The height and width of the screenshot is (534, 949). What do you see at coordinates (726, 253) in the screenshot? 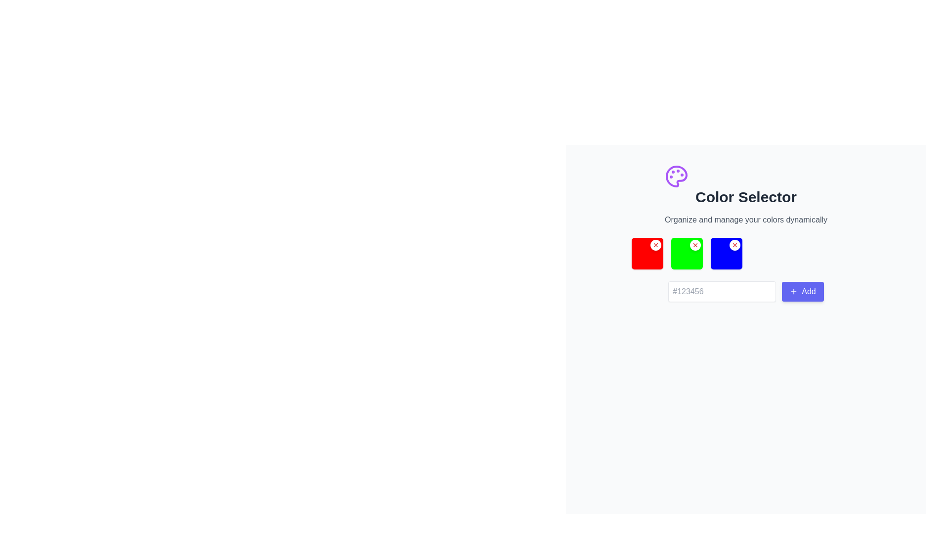
I see `the selectable box with a blue background and rounded corners` at bounding box center [726, 253].